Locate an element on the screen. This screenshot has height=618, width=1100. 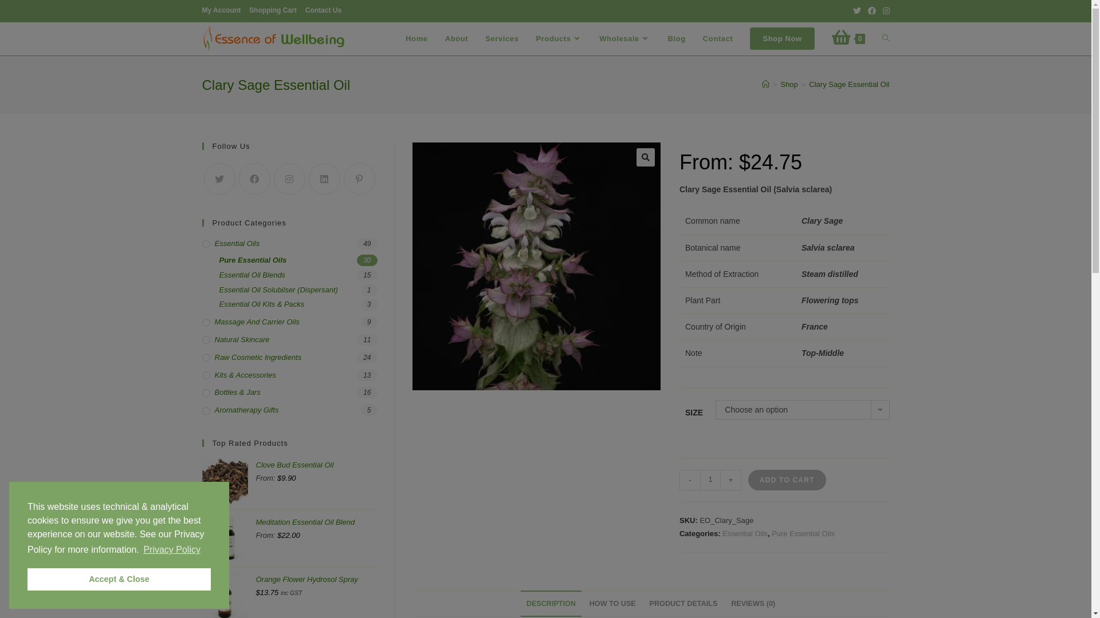
'My Account' is located at coordinates (221, 11).